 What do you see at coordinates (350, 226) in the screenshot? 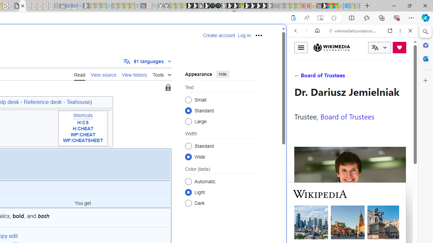
I see `'Wiktionary'` at bounding box center [350, 226].